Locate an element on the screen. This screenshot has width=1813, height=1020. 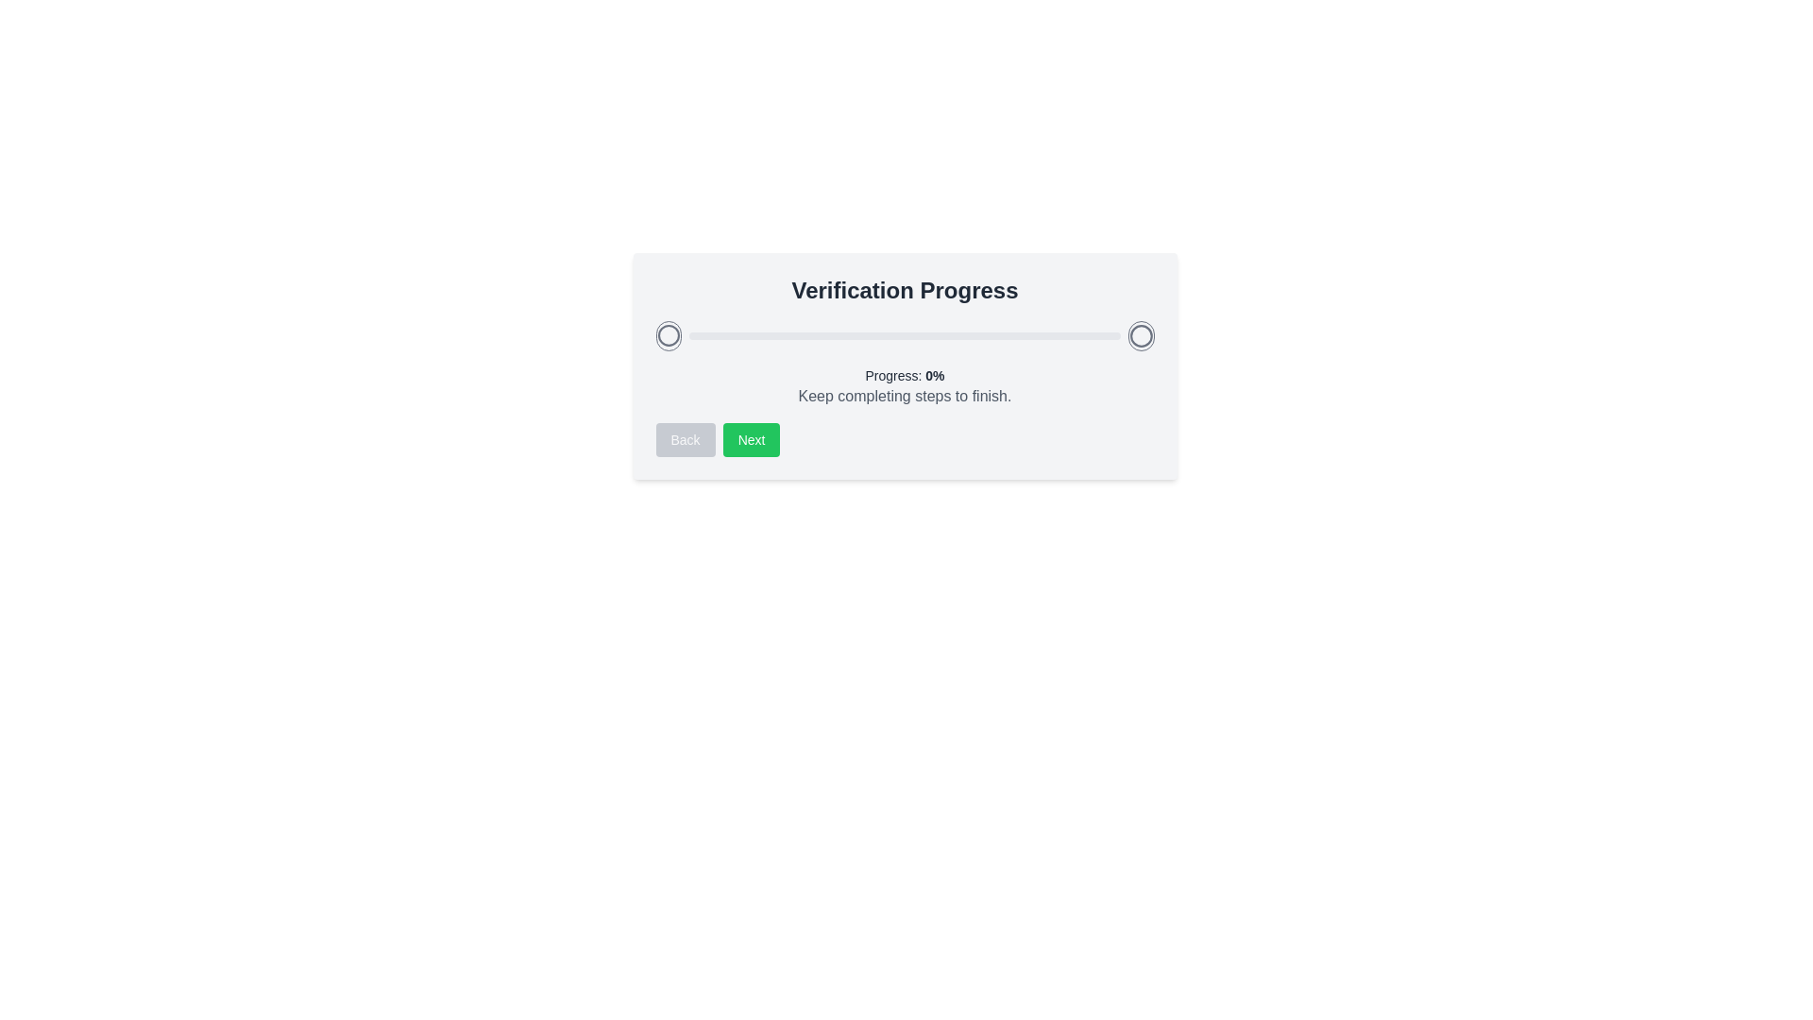
the leftmost button in a horizontal group of two buttons, located near the bottom-left corner of a panel is located at coordinates (685, 440).